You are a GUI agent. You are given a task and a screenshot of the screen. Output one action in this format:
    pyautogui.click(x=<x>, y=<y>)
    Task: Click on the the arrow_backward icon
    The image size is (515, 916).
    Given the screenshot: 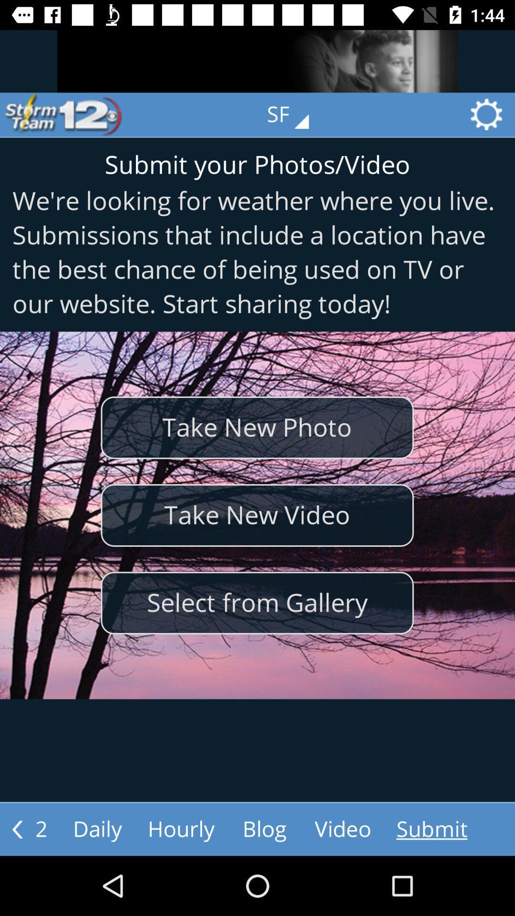 What is the action you would take?
    pyautogui.click(x=17, y=829)
    